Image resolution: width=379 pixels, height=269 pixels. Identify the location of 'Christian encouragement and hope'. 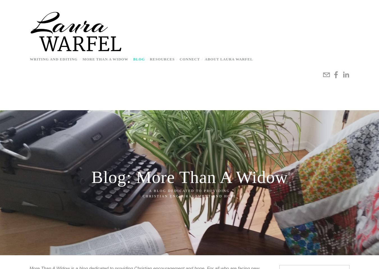
(142, 196).